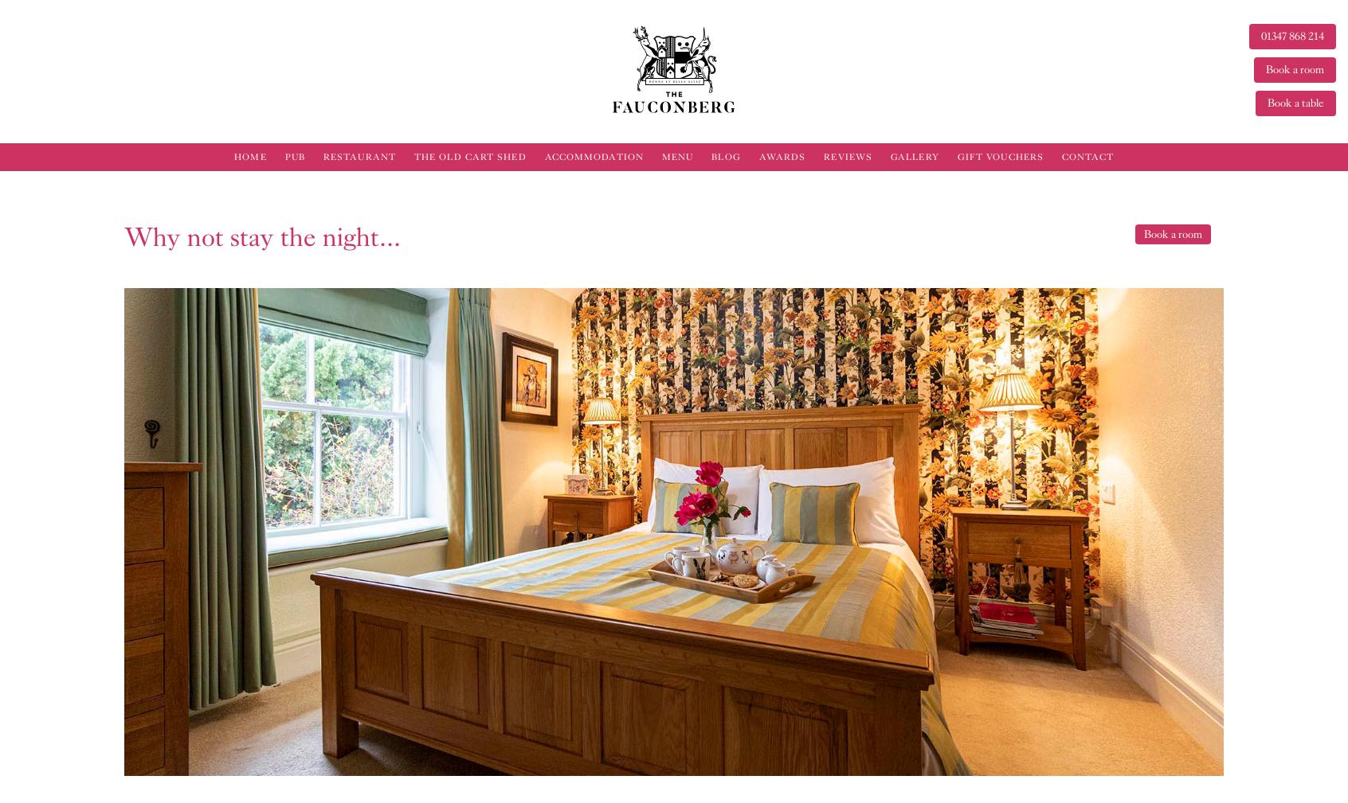  I want to click on 'Reviews', so click(848, 156).